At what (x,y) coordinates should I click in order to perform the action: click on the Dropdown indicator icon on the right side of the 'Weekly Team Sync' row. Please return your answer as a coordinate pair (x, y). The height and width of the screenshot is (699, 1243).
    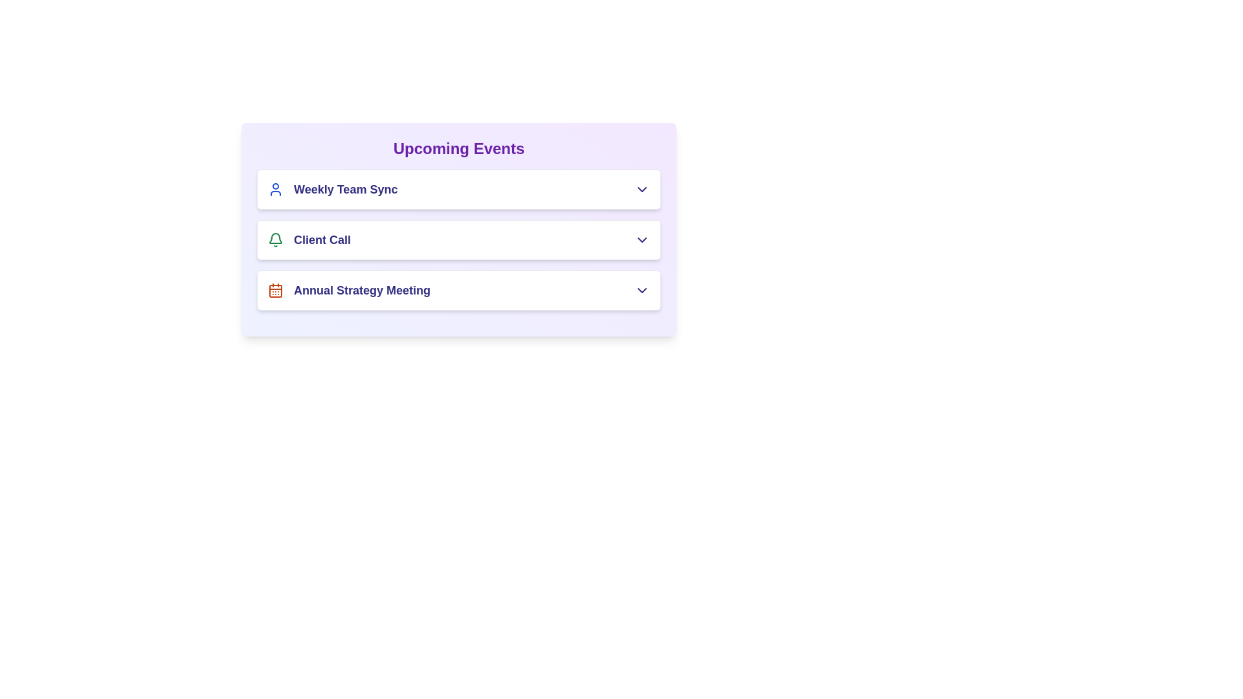
    Looking at the image, I should click on (642, 190).